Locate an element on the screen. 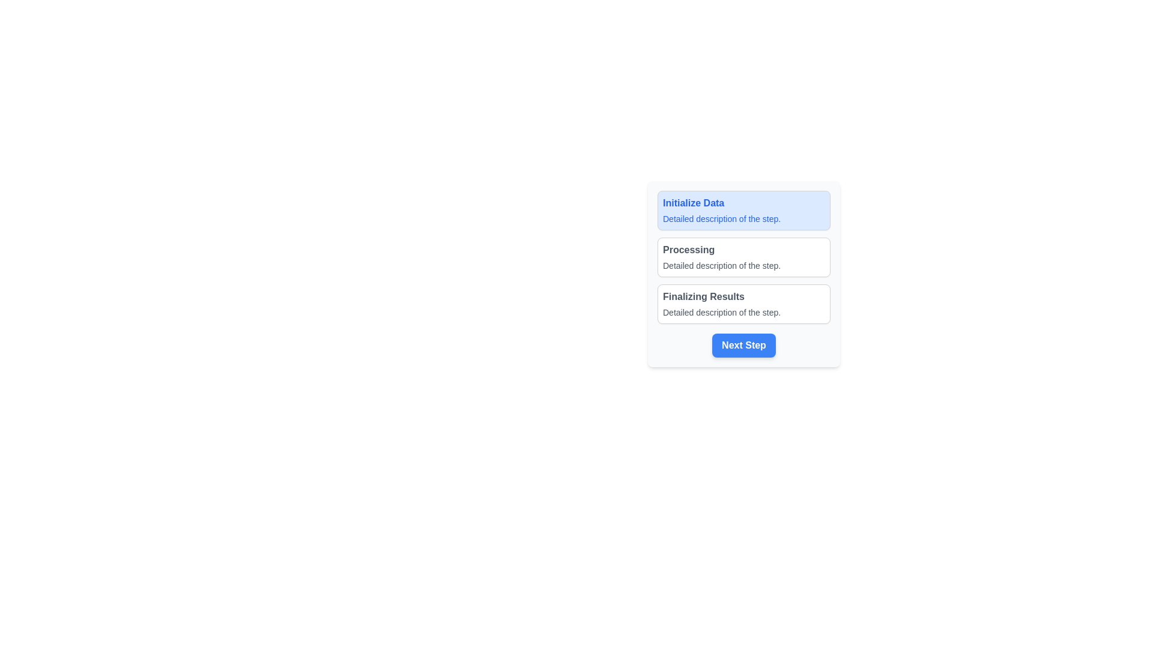  text content from the 'Finalizing Results' step in the process workflow, which is the third item in the vertical list of steps is located at coordinates (743, 303).